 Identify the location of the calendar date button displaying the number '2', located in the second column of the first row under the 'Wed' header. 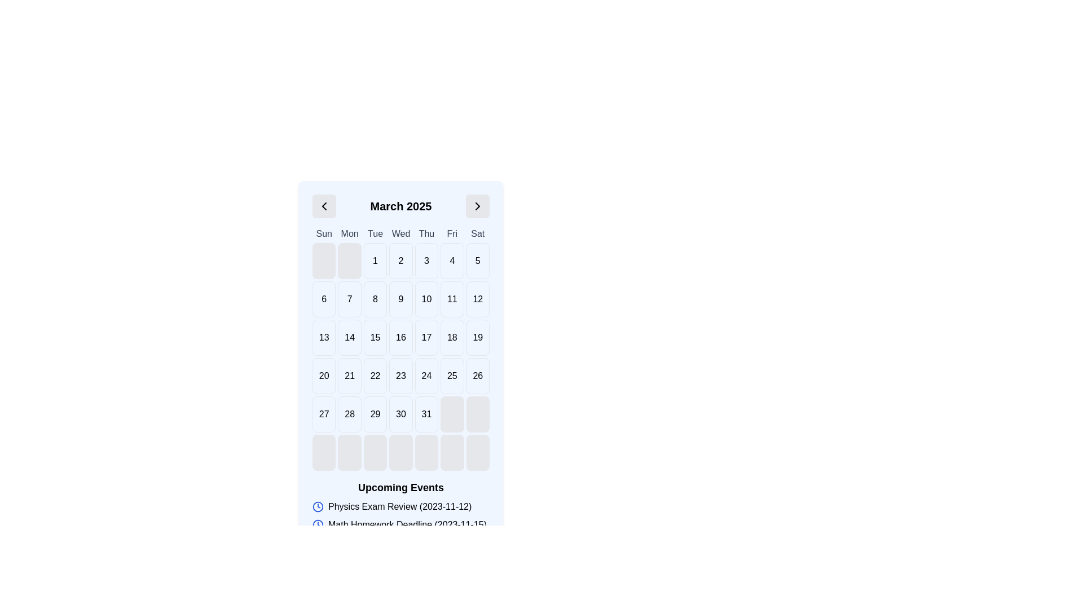
(400, 261).